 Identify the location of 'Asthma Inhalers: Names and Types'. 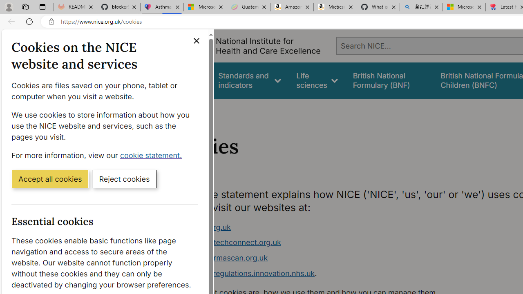
(162, 7).